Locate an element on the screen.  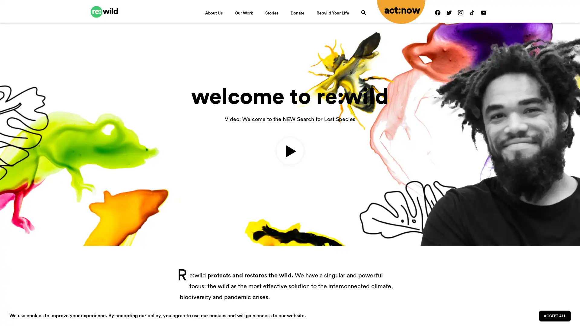
mute is located at coordinates (526, 204).